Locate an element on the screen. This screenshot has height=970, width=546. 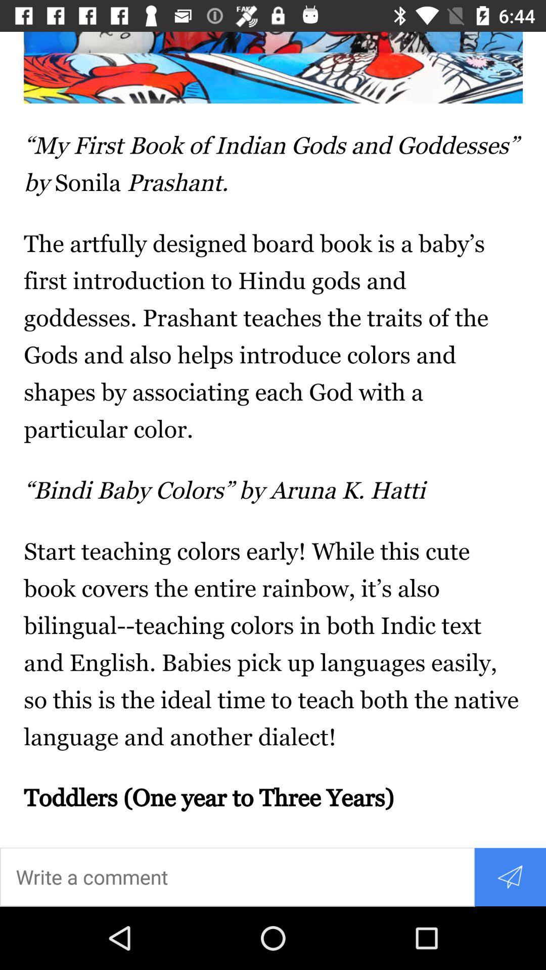
enter is located at coordinates (237, 876).